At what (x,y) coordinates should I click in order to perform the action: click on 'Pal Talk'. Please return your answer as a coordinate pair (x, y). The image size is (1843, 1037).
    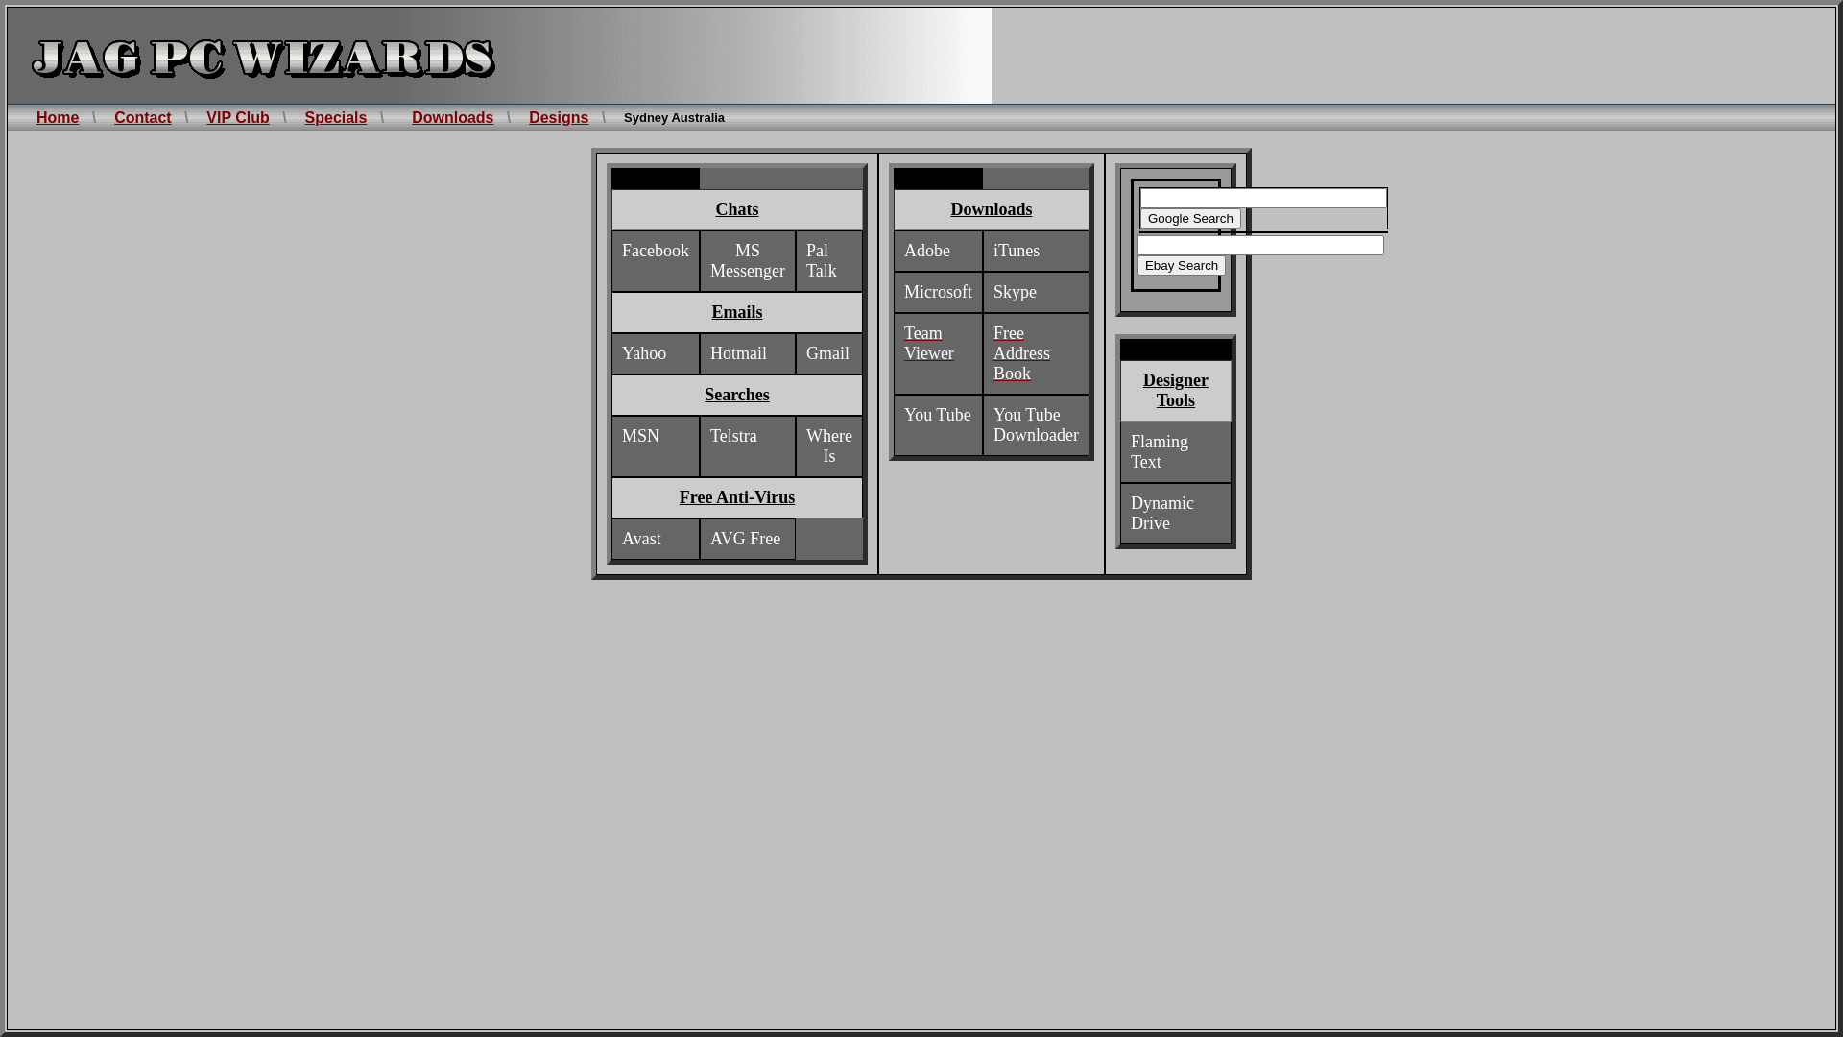
    Looking at the image, I should click on (821, 261).